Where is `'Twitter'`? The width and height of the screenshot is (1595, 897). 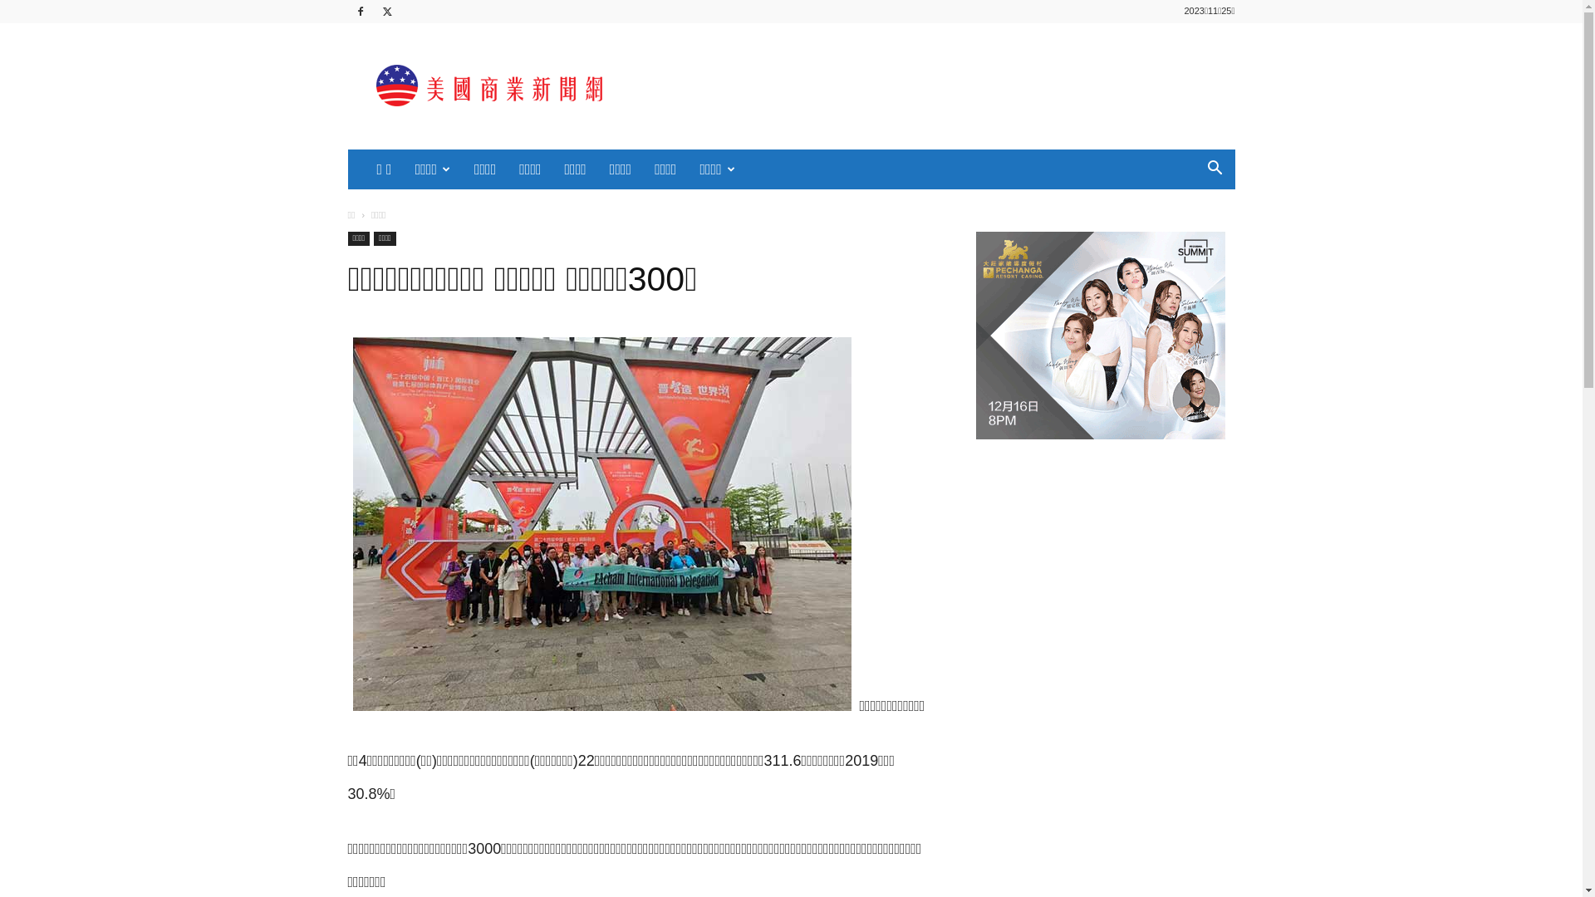
'Twitter' is located at coordinates (386, 12).